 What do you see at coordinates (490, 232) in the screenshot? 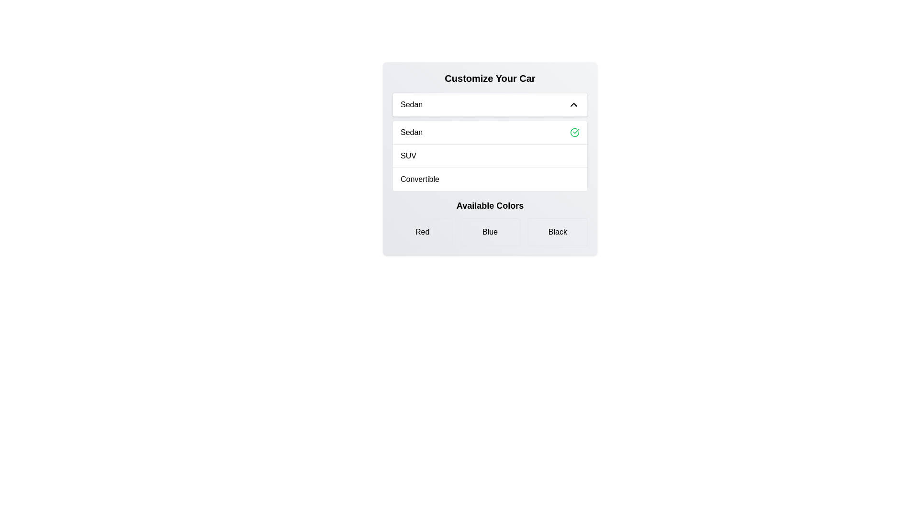
I see `the 'Blue' button, which is a rectangular button with a light gray background and centered black text, positioned as the second option in the 'Available Colors' group` at bounding box center [490, 232].